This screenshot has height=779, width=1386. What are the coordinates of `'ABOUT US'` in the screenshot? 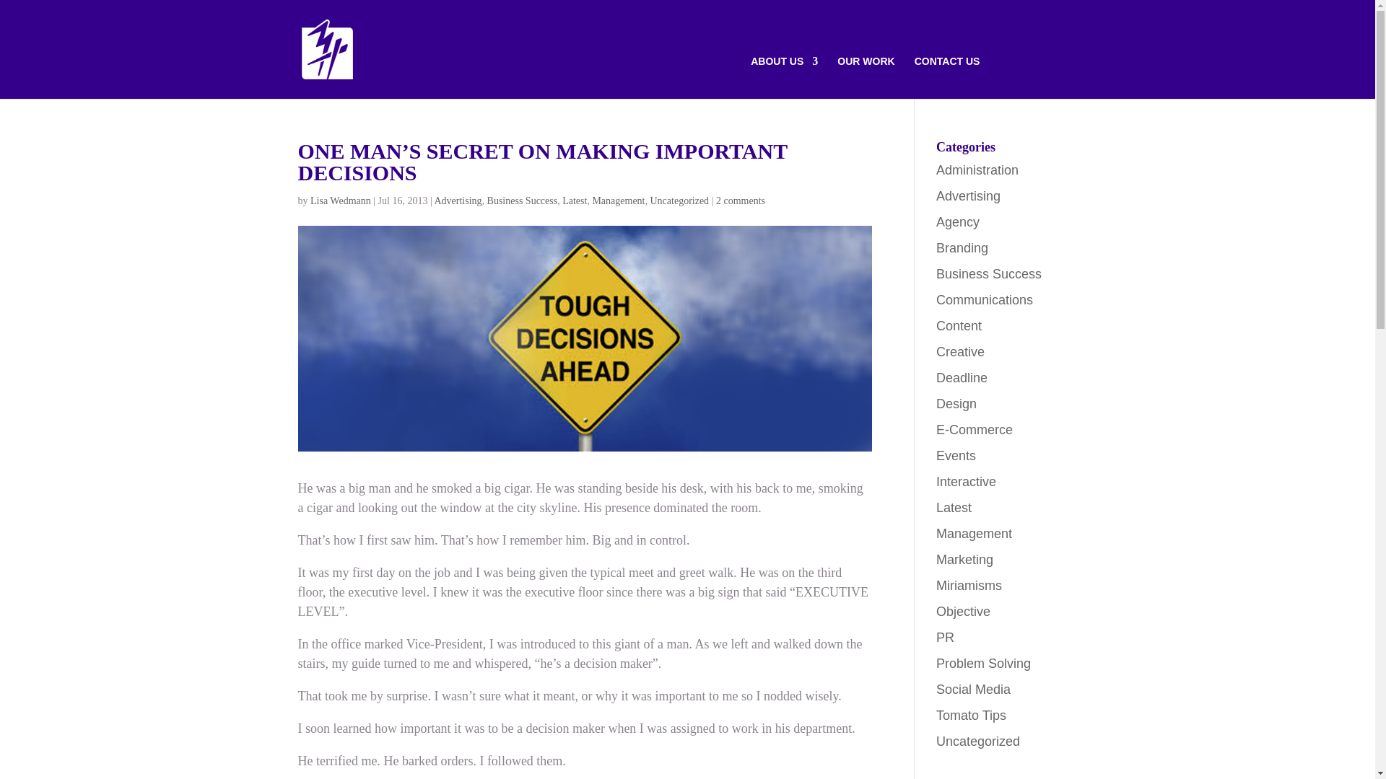 It's located at (783, 77).